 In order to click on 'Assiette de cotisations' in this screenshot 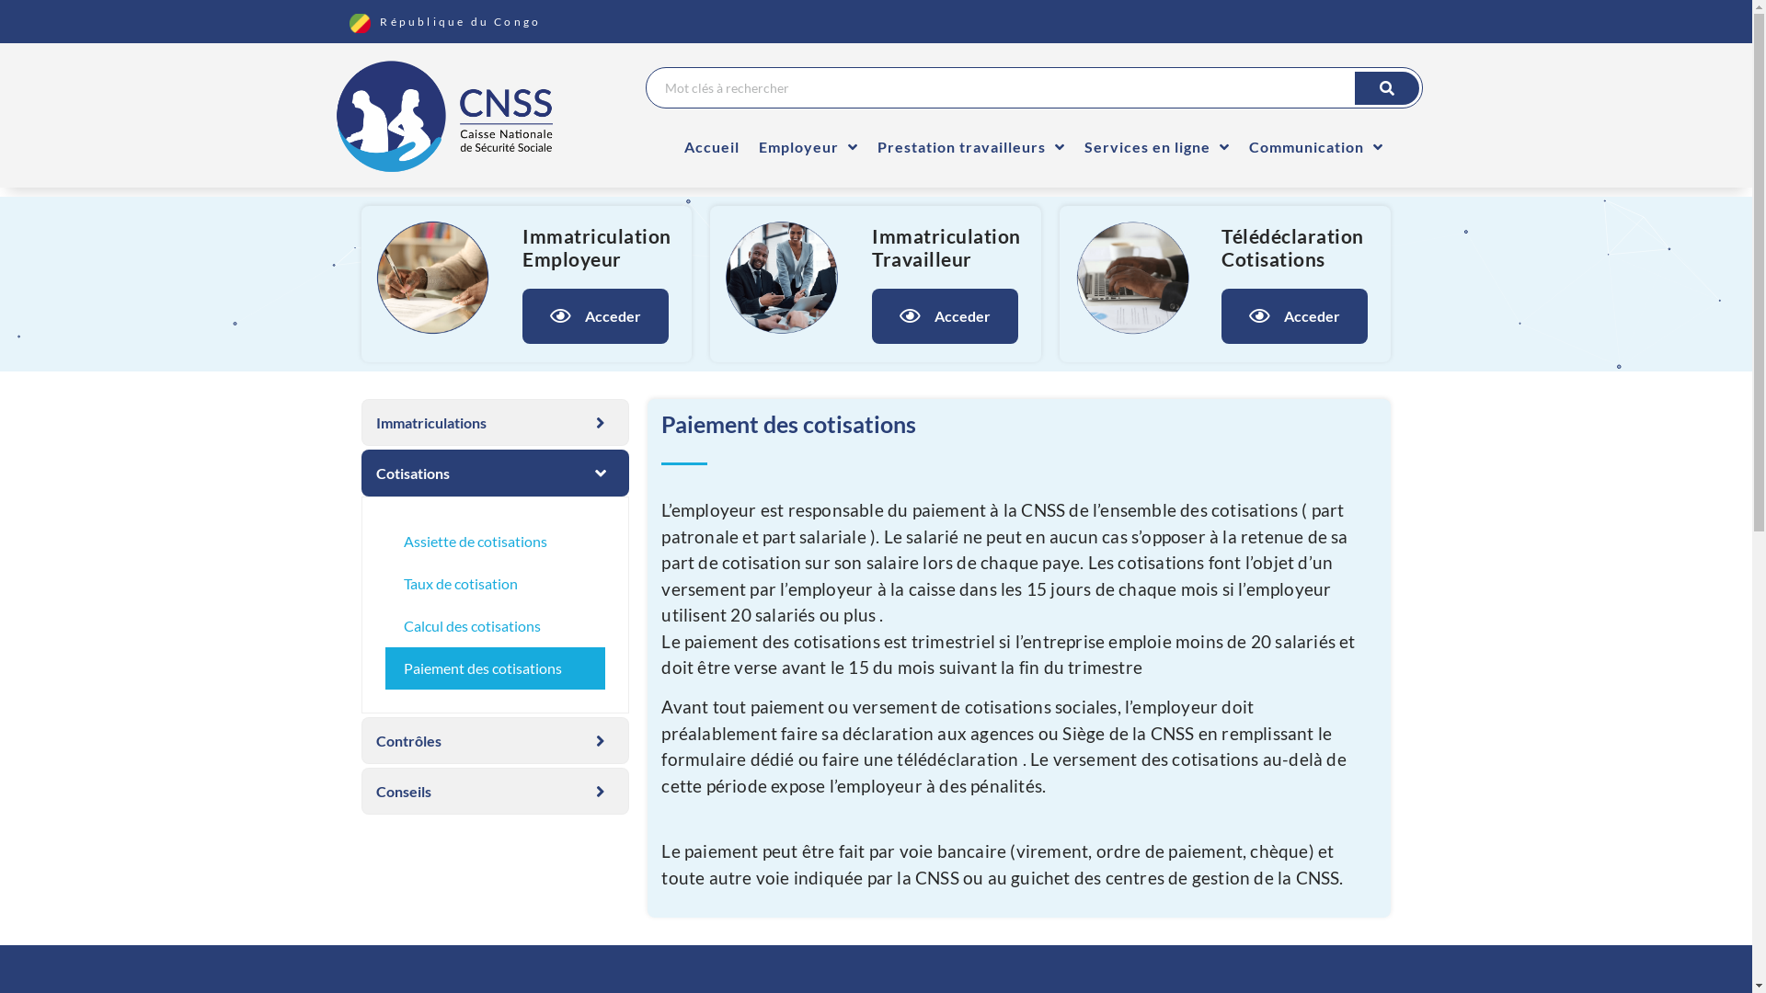, I will do `click(383, 541)`.